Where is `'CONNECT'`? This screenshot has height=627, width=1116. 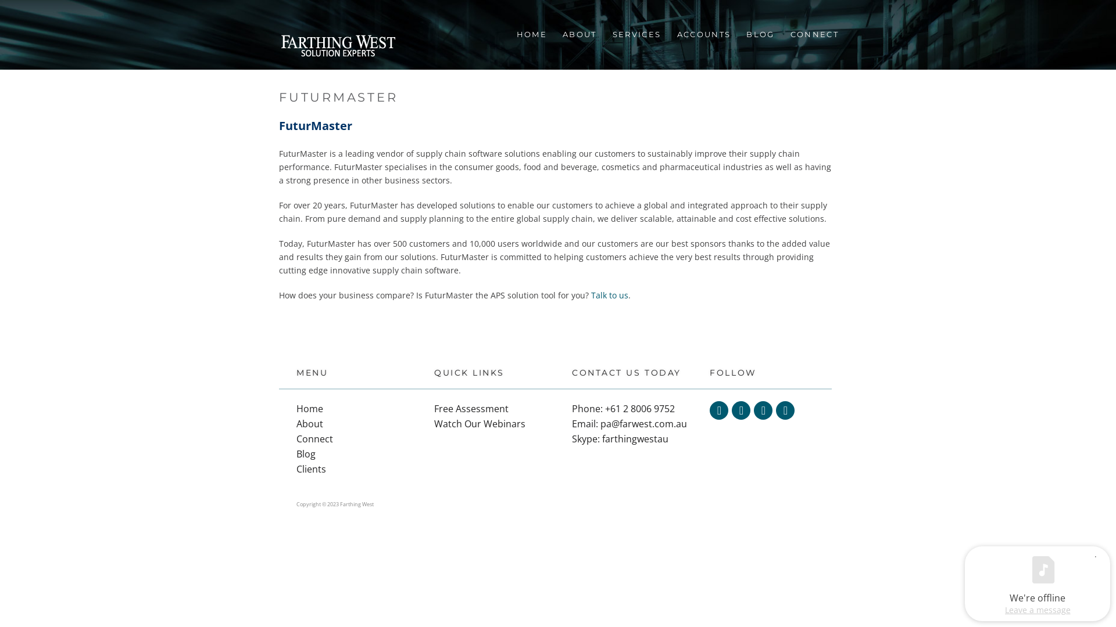
'CONNECT' is located at coordinates (813, 34).